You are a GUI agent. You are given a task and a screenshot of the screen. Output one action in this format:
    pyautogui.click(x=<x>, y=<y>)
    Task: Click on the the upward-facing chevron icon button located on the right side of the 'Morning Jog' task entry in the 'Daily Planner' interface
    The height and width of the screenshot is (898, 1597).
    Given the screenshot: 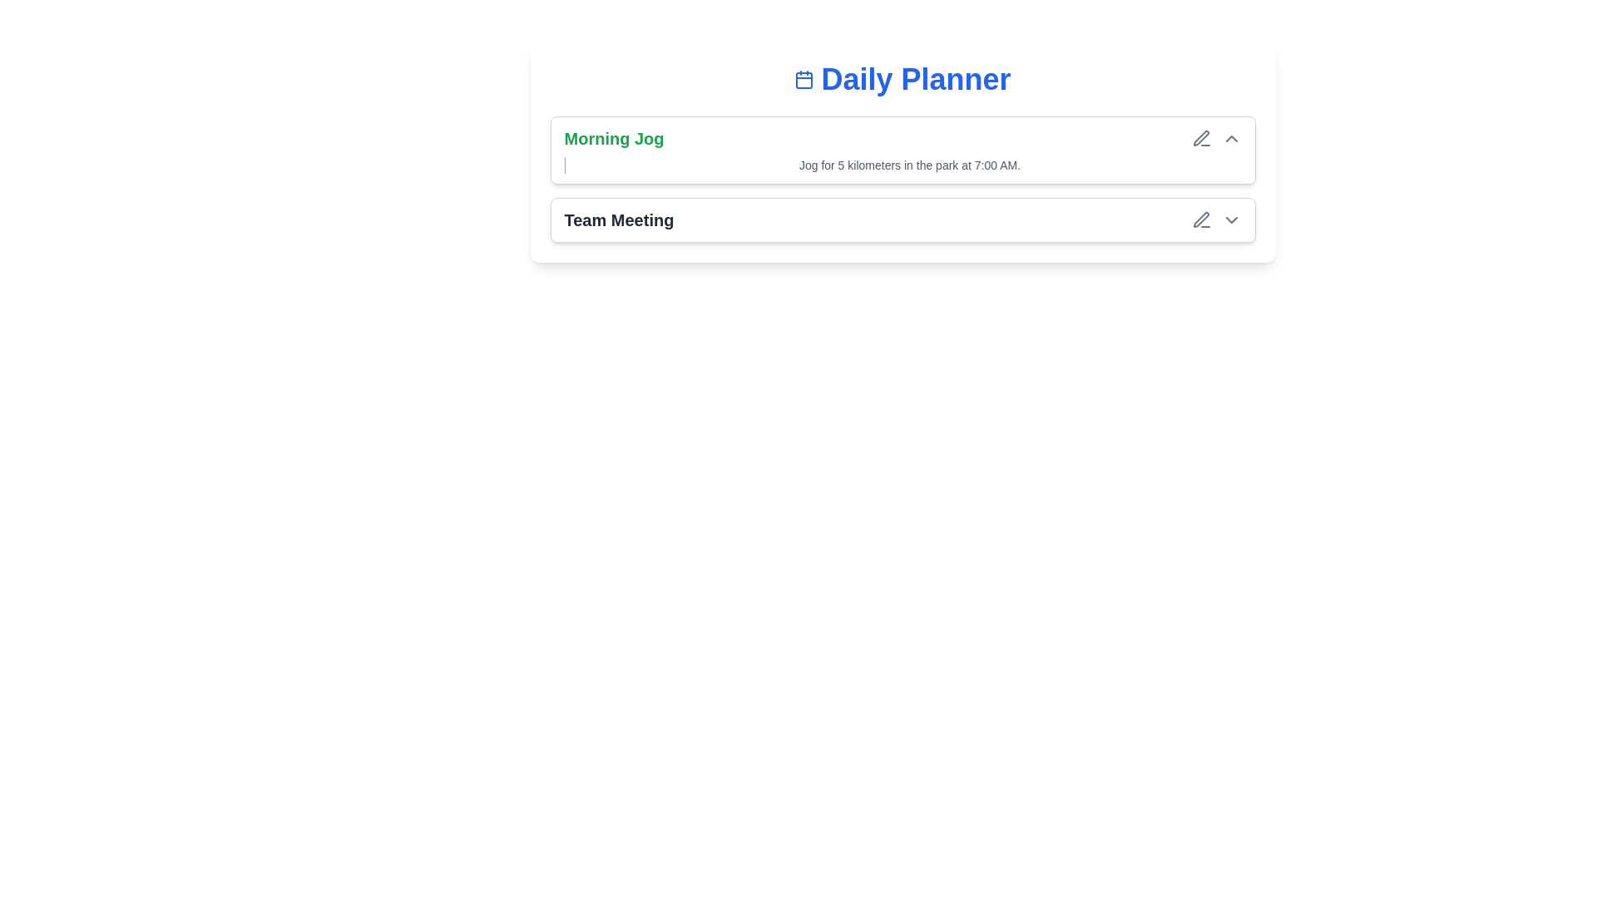 What is the action you would take?
    pyautogui.click(x=1231, y=137)
    